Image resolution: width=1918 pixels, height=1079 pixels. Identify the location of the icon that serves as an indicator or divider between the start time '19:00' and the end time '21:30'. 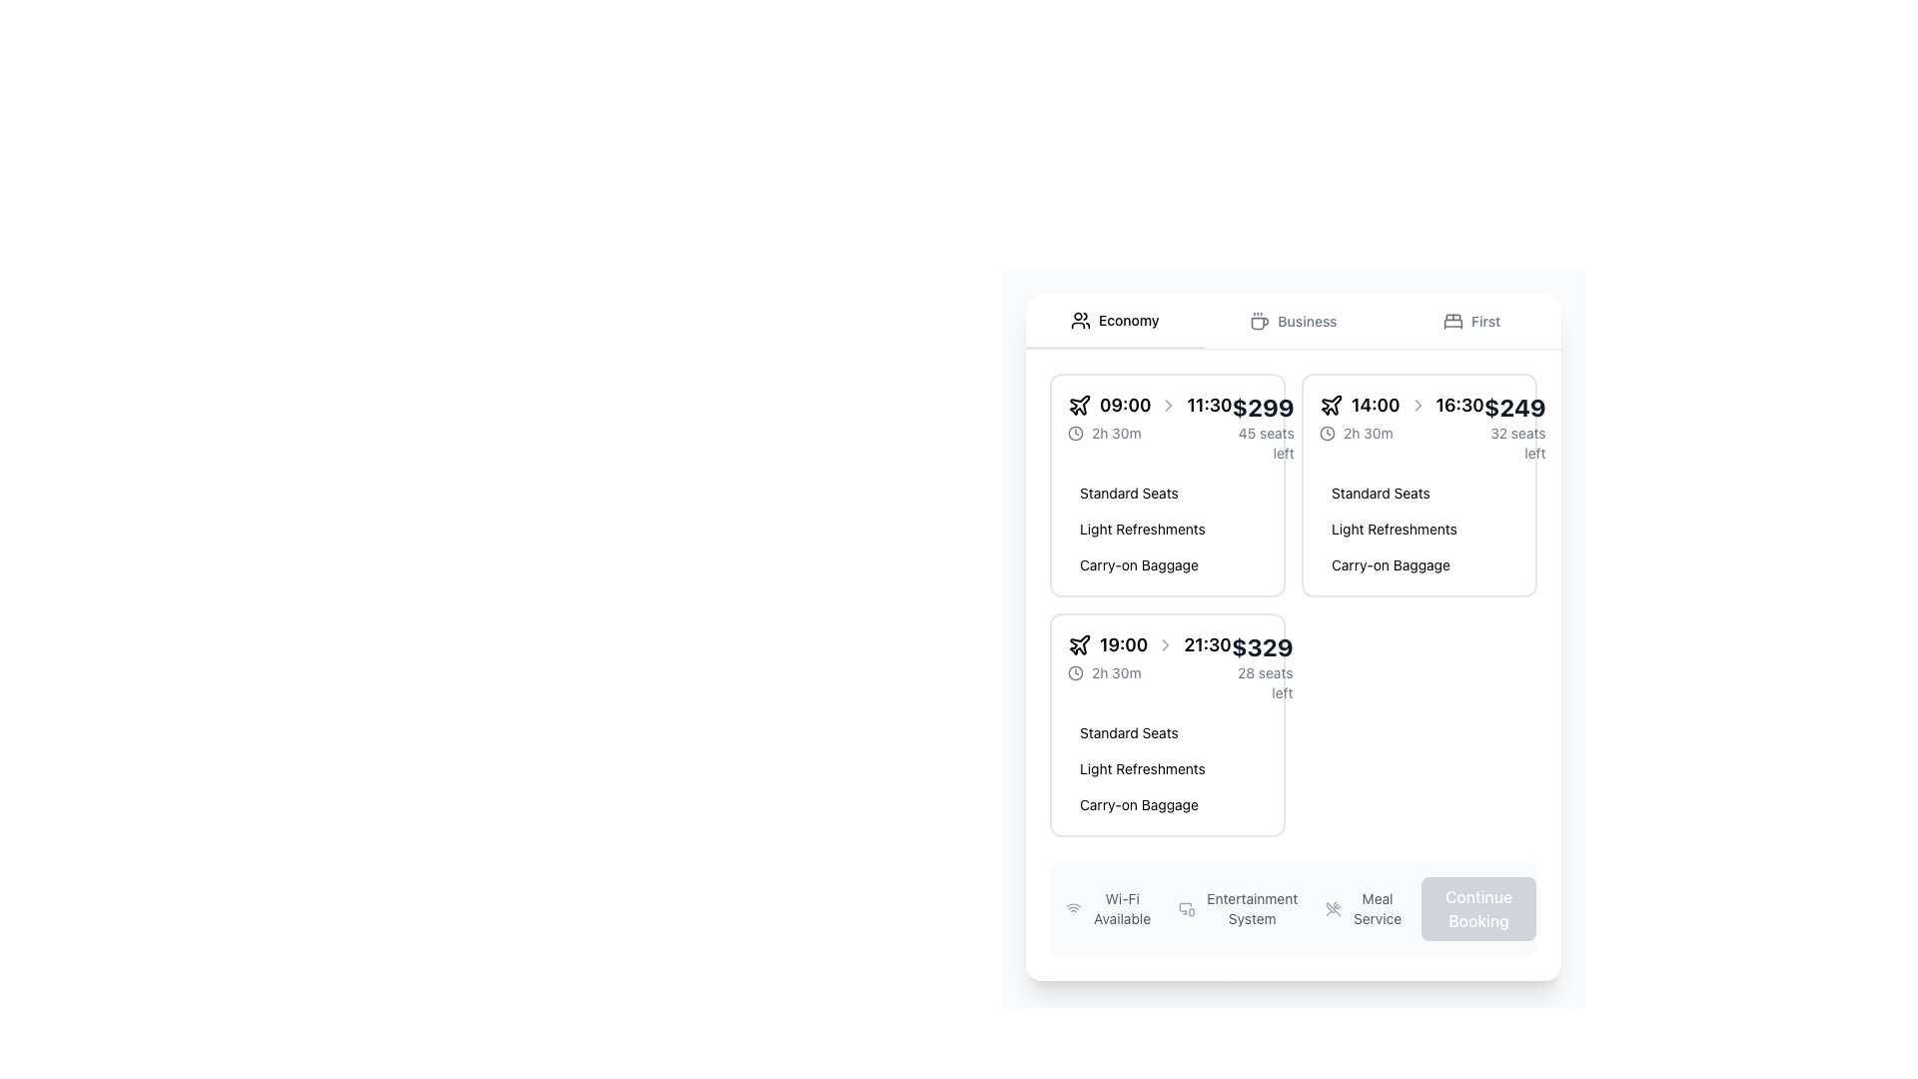
(1166, 644).